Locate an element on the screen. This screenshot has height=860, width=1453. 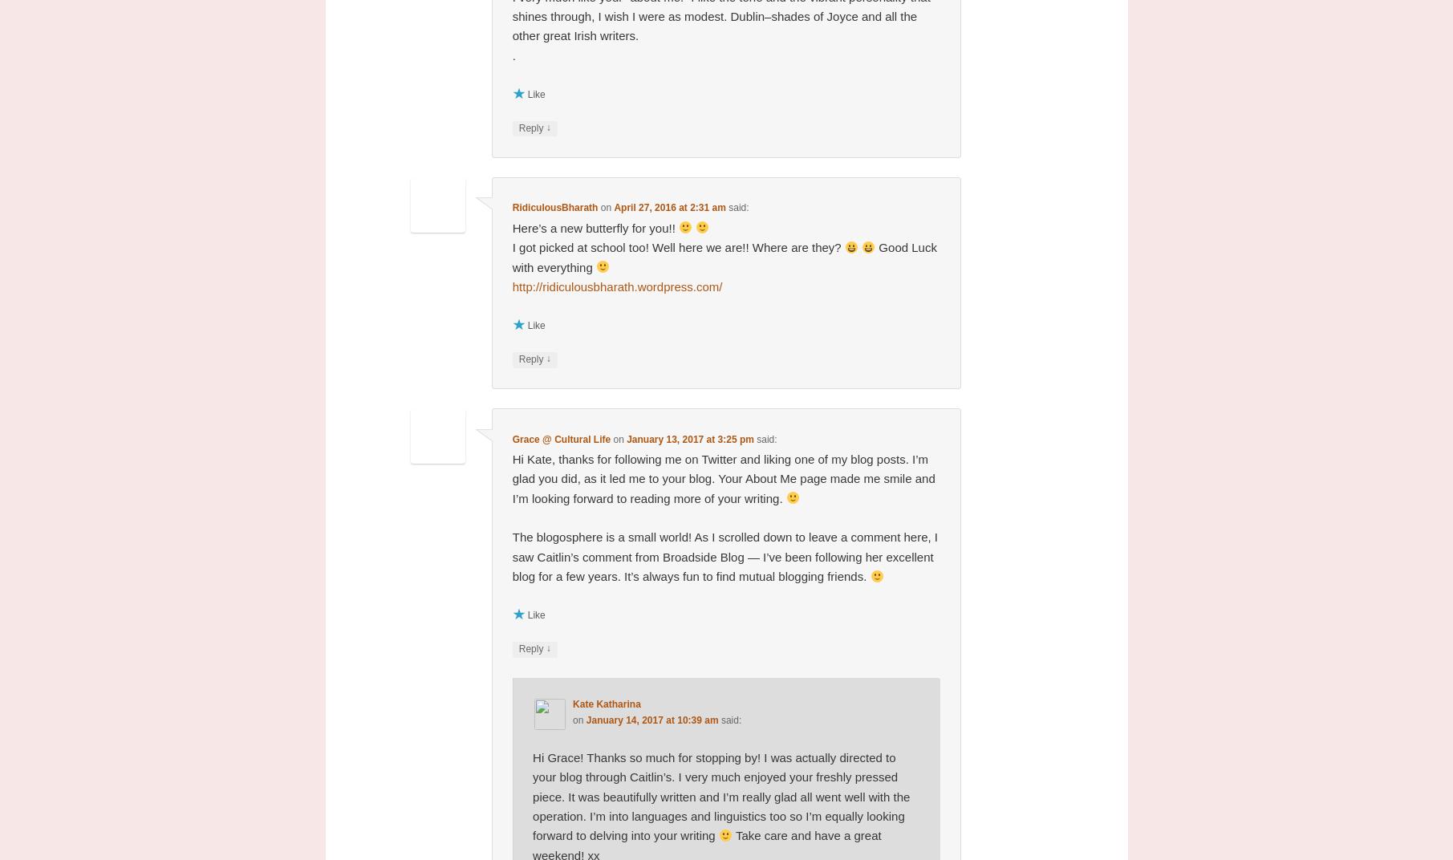
'RidiculousBharath' is located at coordinates (554, 207).